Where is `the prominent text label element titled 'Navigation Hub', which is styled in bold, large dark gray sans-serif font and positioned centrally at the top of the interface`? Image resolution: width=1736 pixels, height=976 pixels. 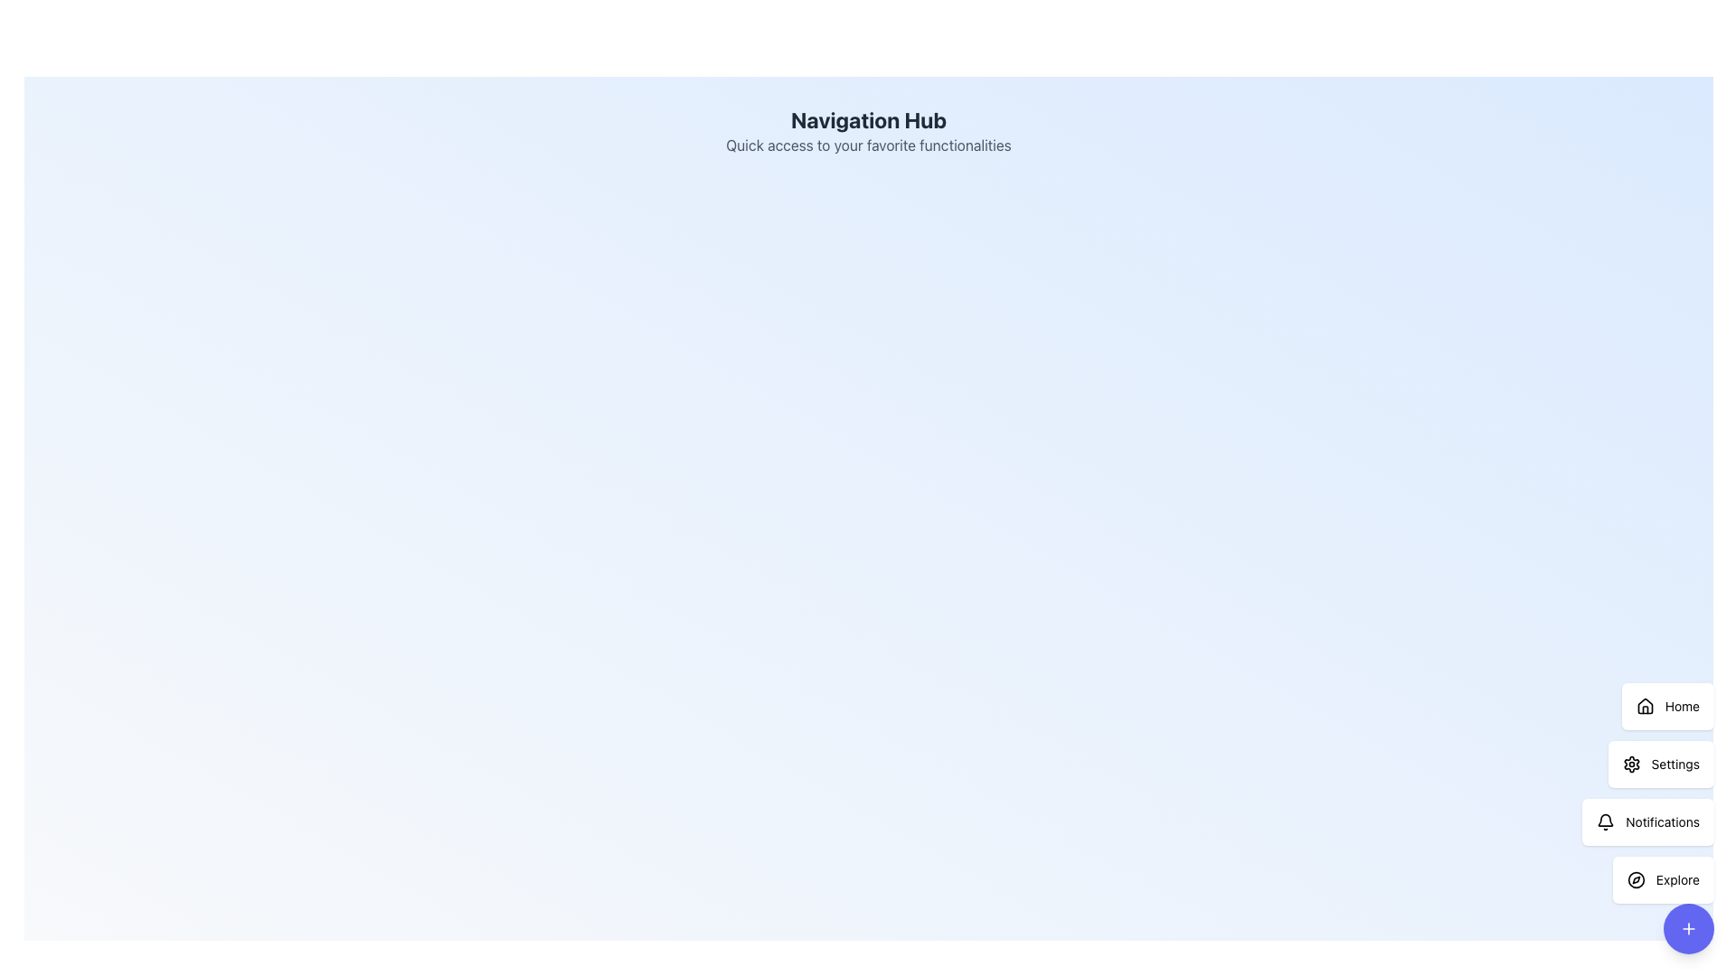 the prominent text label element titled 'Navigation Hub', which is styled in bold, large dark gray sans-serif font and positioned centrally at the top of the interface is located at coordinates (868, 119).